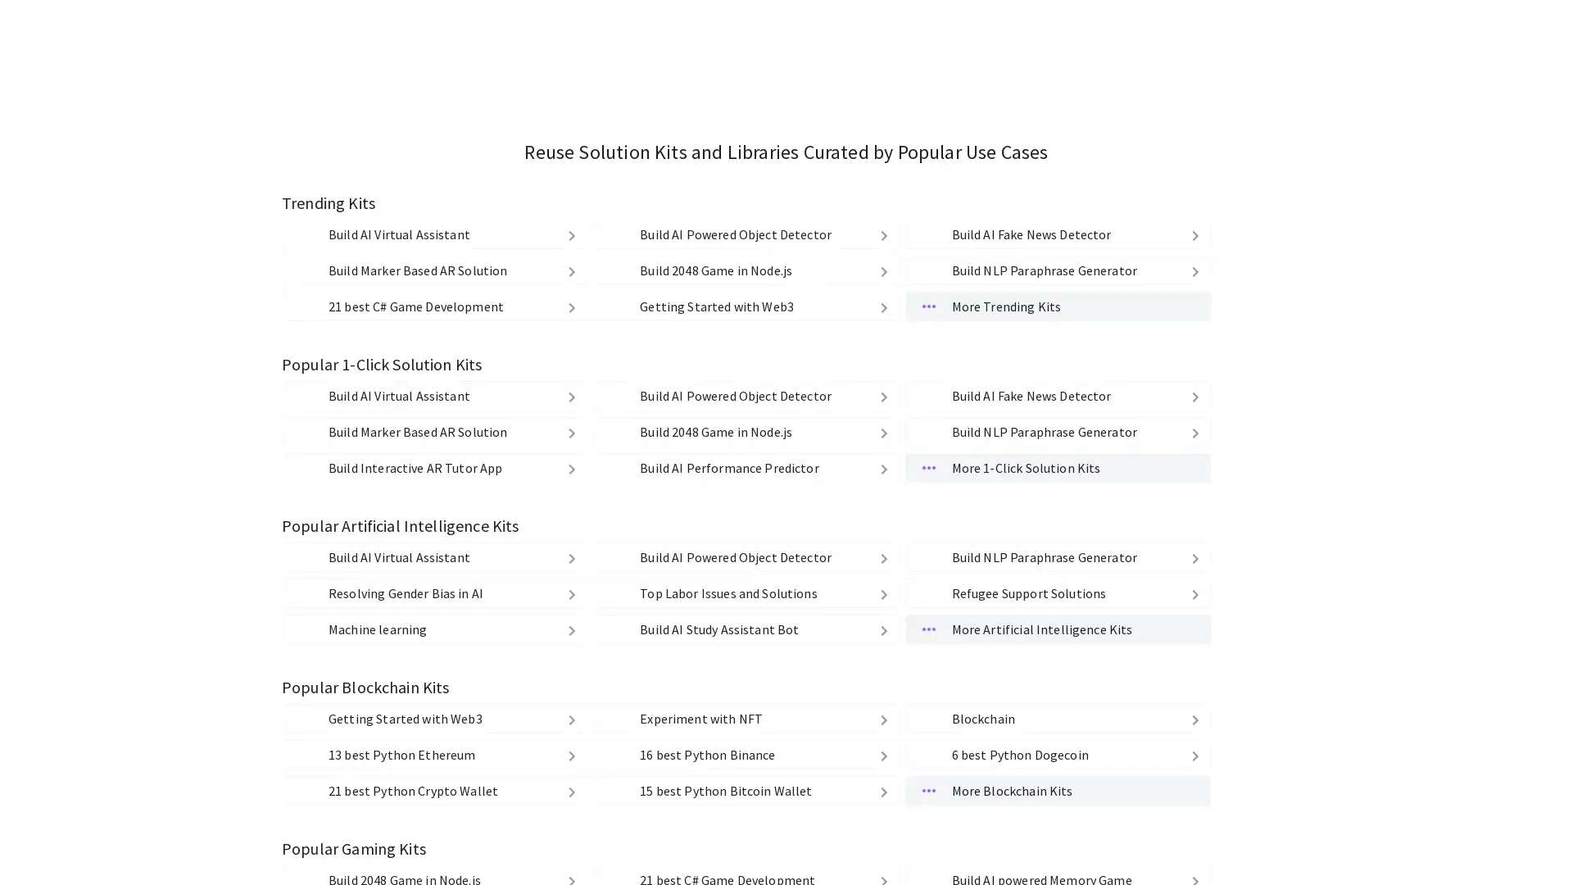  What do you see at coordinates (696, 483) in the screenshot?
I see `No License` at bounding box center [696, 483].